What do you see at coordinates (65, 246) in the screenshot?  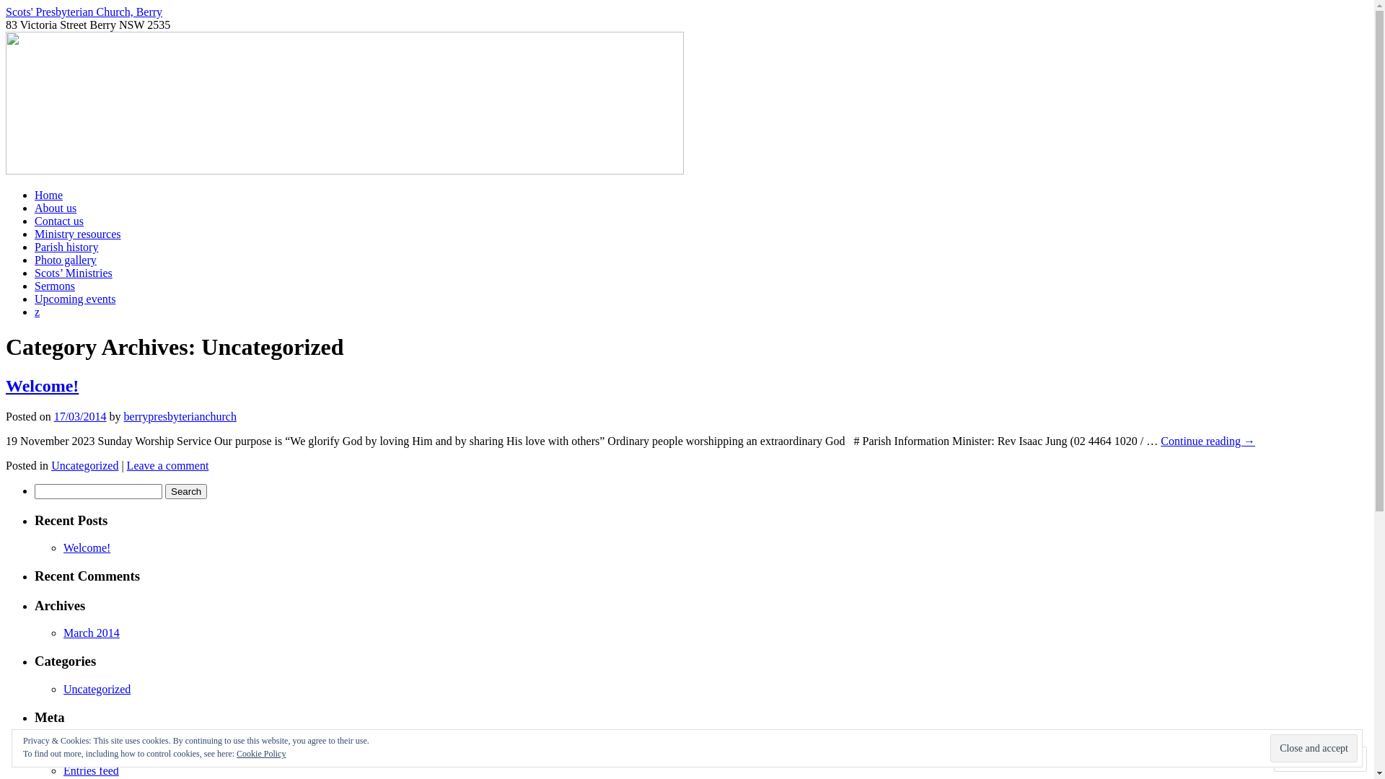 I see `'Parish history'` at bounding box center [65, 246].